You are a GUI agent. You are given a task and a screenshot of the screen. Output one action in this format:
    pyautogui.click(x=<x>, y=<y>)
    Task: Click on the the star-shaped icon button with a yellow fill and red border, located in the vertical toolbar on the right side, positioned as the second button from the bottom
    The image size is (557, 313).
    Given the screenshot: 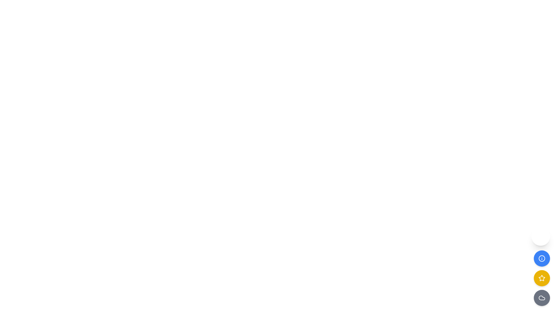 What is the action you would take?
    pyautogui.click(x=541, y=278)
    